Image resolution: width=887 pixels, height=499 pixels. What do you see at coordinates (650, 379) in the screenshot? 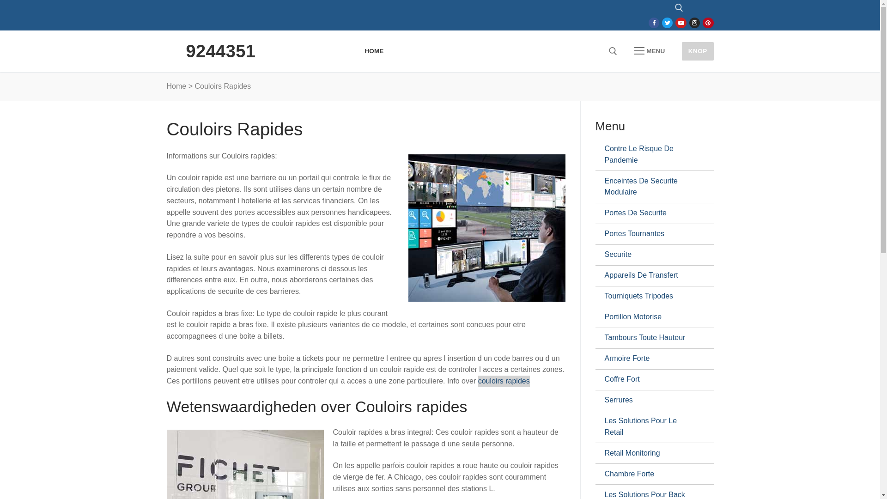
I see `'Coffre Fort'` at bounding box center [650, 379].